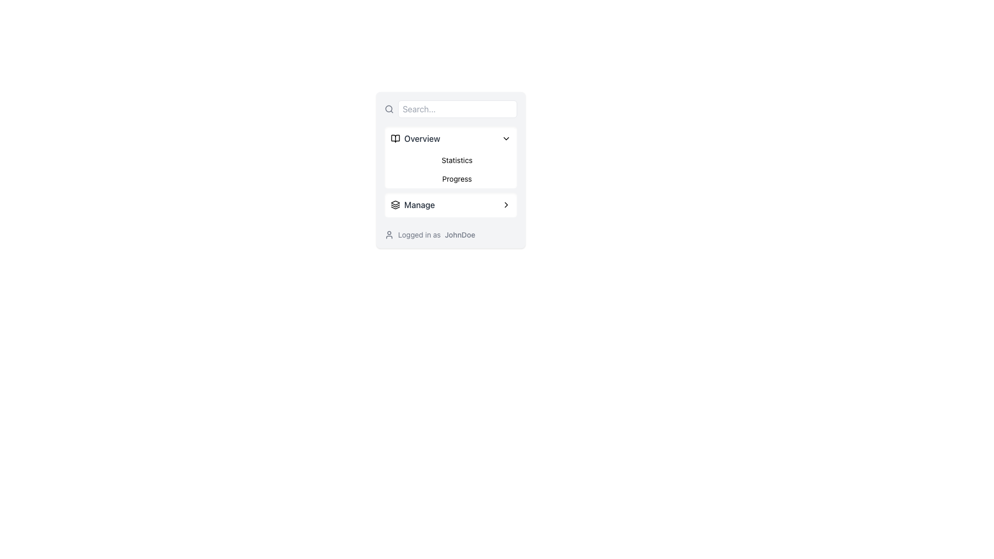  What do you see at coordinates (450, 109) in the screenshot?
I see `over the text input field located at the top of the panel` at bounding box center [450, 109].